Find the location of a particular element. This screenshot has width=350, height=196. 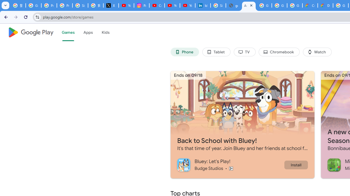

'Google Play logo' is located at coordinates (30, 32).